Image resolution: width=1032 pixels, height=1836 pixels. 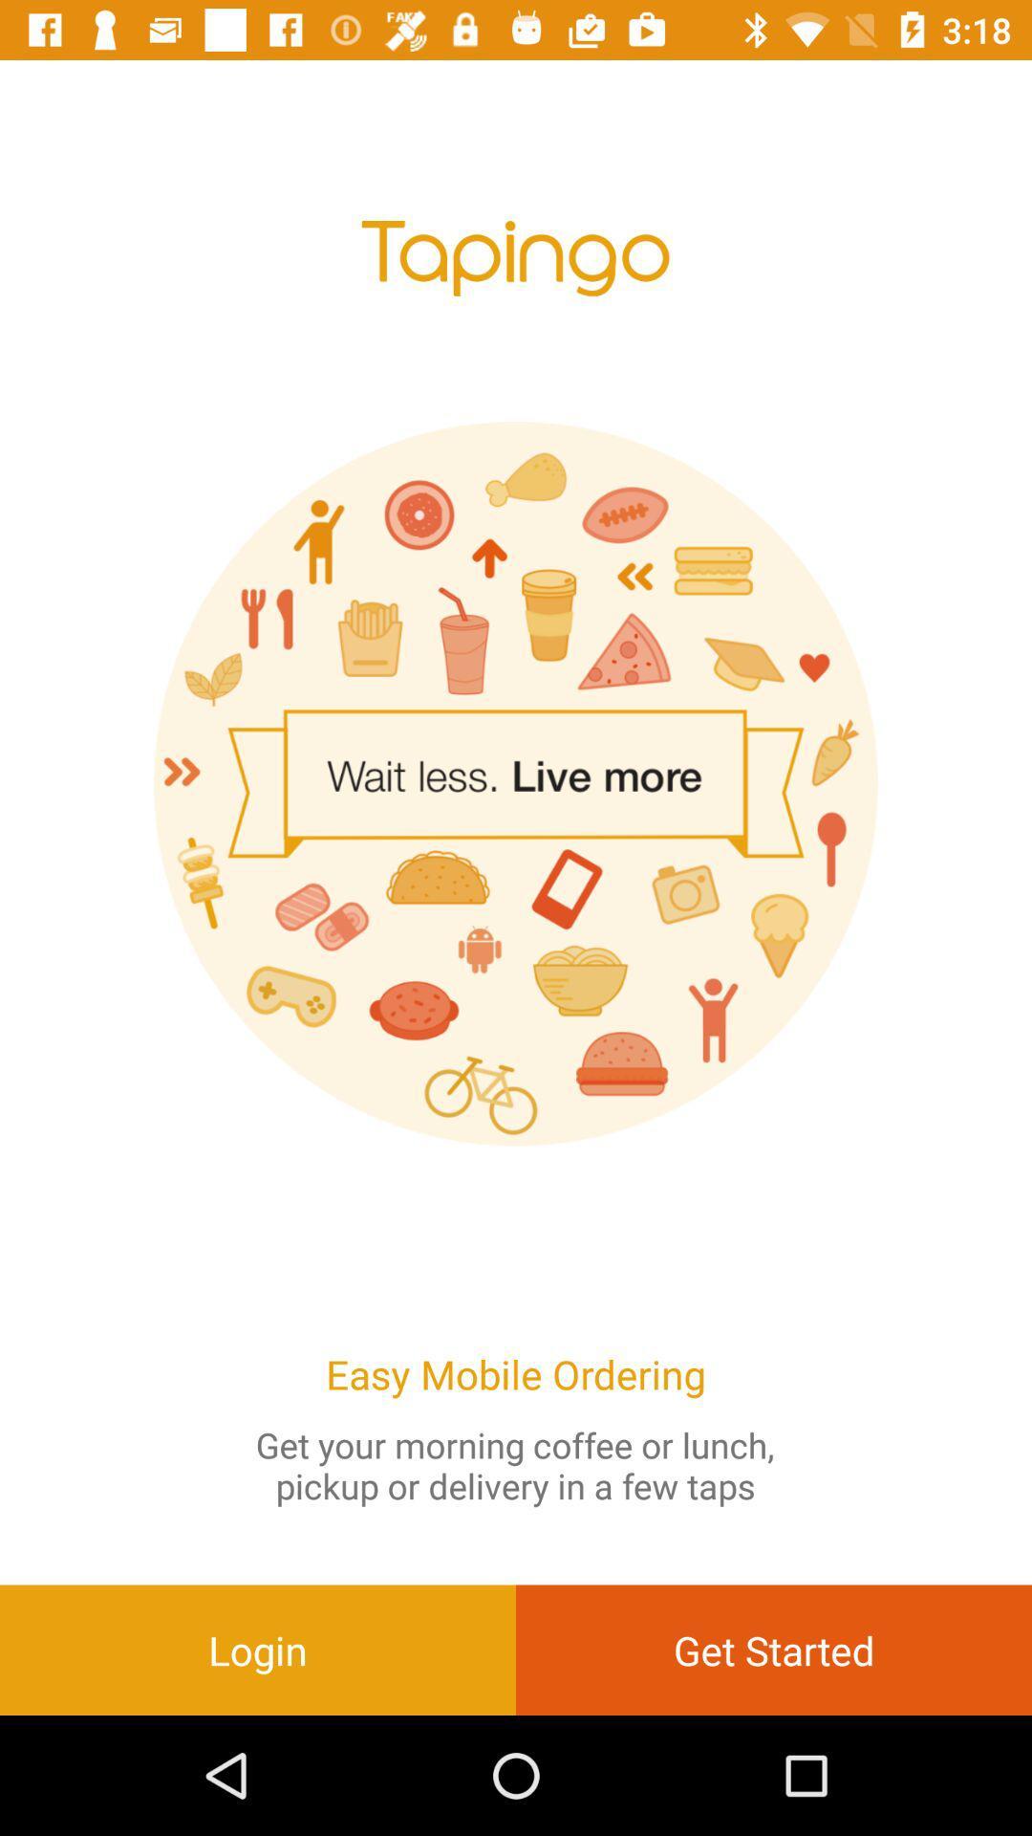 What do you see at coordinates (258, 1649) in the screenshot?
I see `login icon` at bounding box center [258, 1649].